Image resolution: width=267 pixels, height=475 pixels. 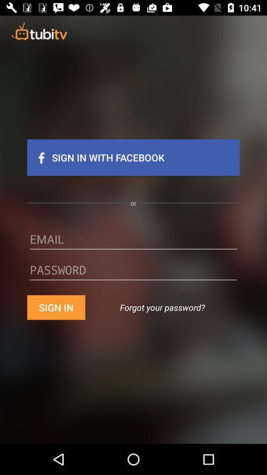 What do you see at coordinates (133, 242) in the screenshot?
I see `type in email address` at bounding box center [133, 242].